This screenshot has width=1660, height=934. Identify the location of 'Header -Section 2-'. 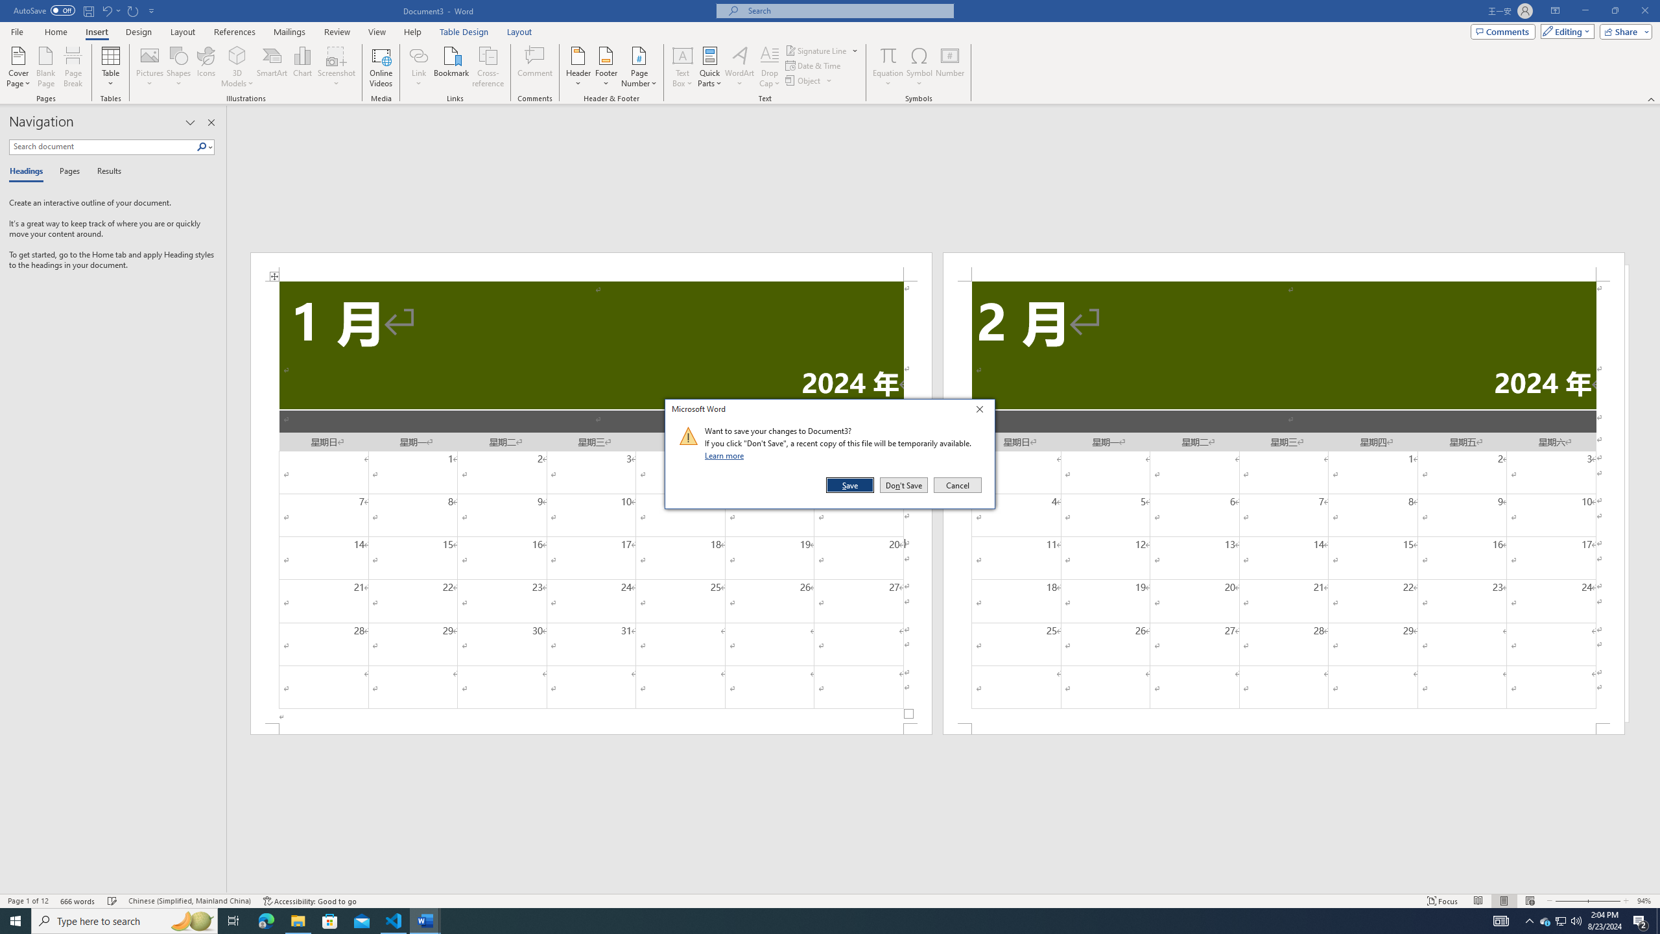
(1284, 266).